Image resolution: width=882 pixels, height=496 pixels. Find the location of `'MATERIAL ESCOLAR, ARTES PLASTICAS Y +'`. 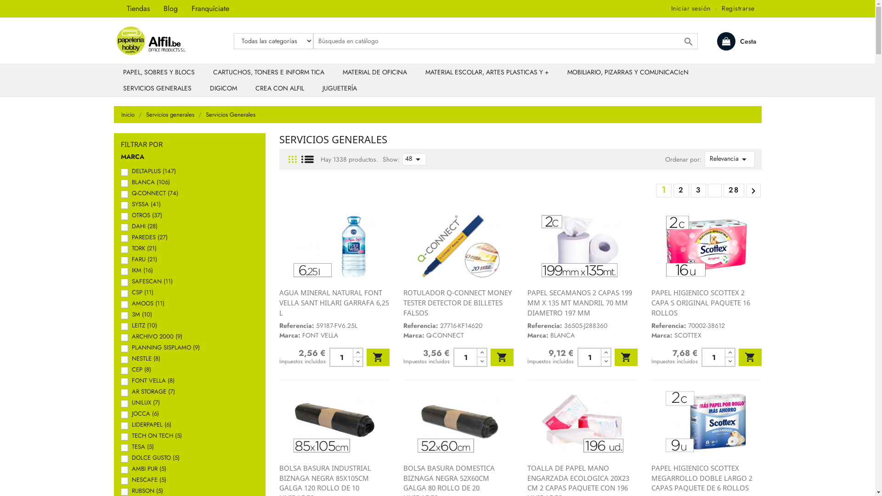

'MATERIAL ESCOLAR, ARTES PLASTICAS Y +' is located at coordinates (486, 72).